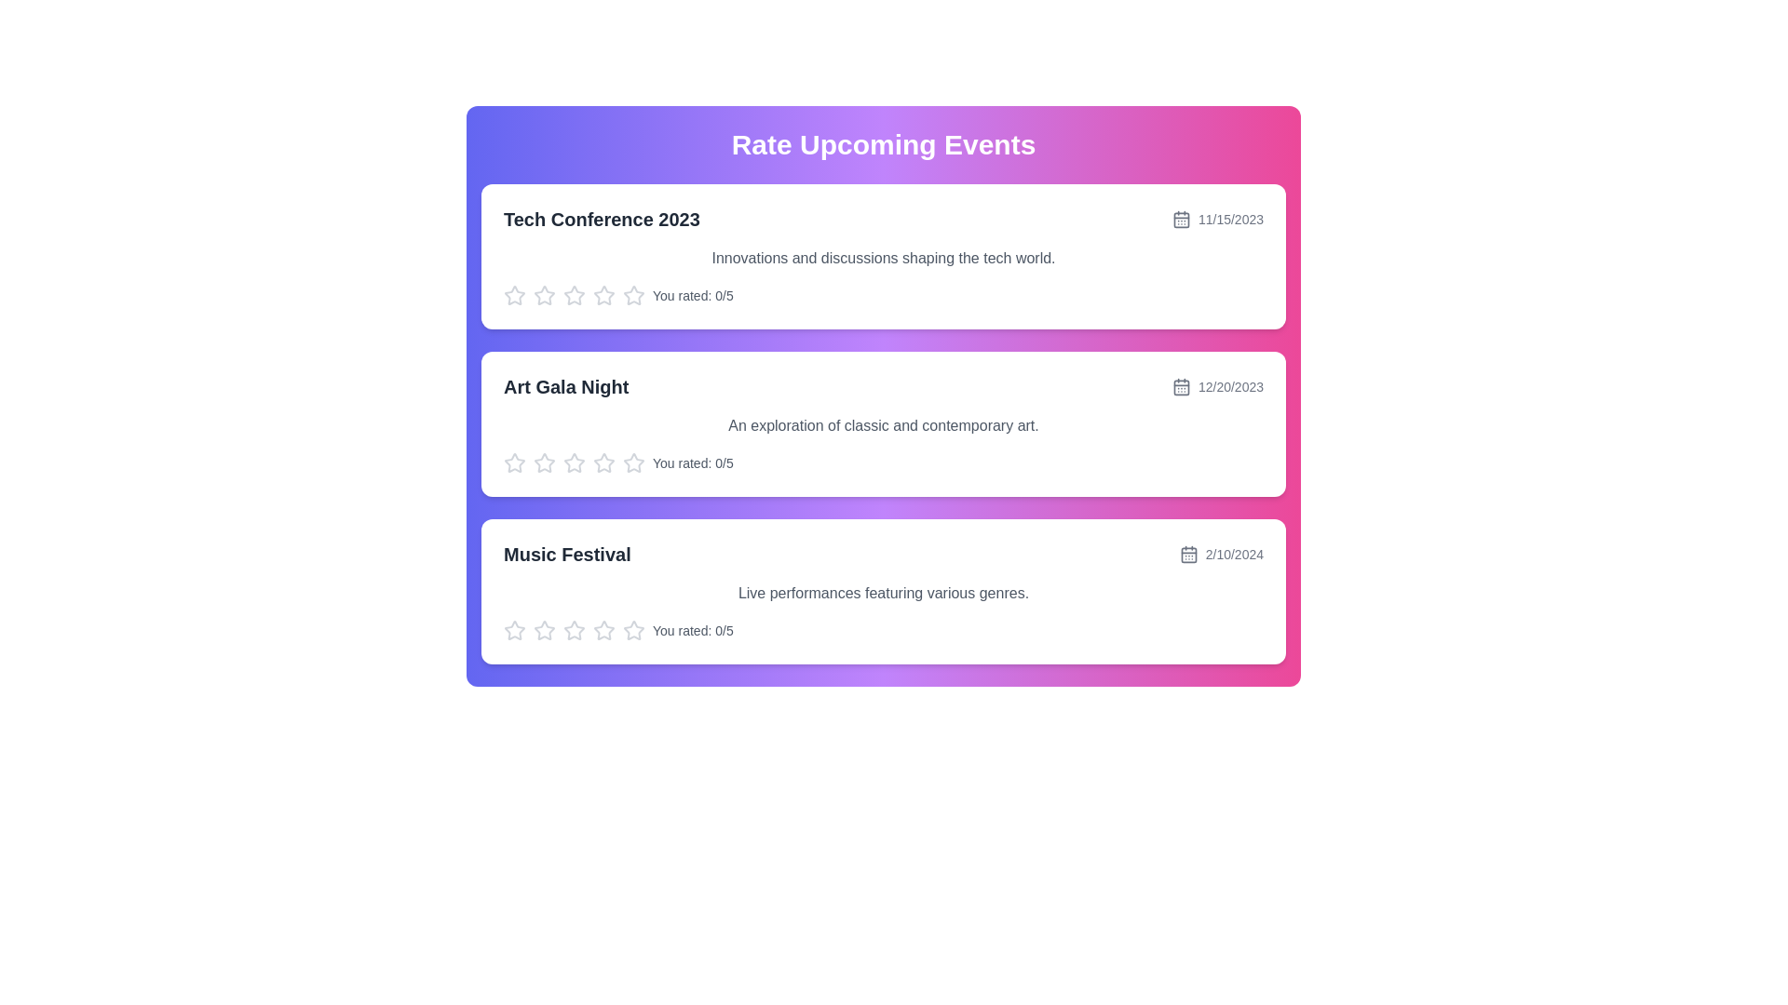 This screenshot has width=1788, height=1005. Describe the element at coordinates (544, 462) in the screenshot. I see `the first rating star icon below the 'Art Gala Night' event description` at that location.